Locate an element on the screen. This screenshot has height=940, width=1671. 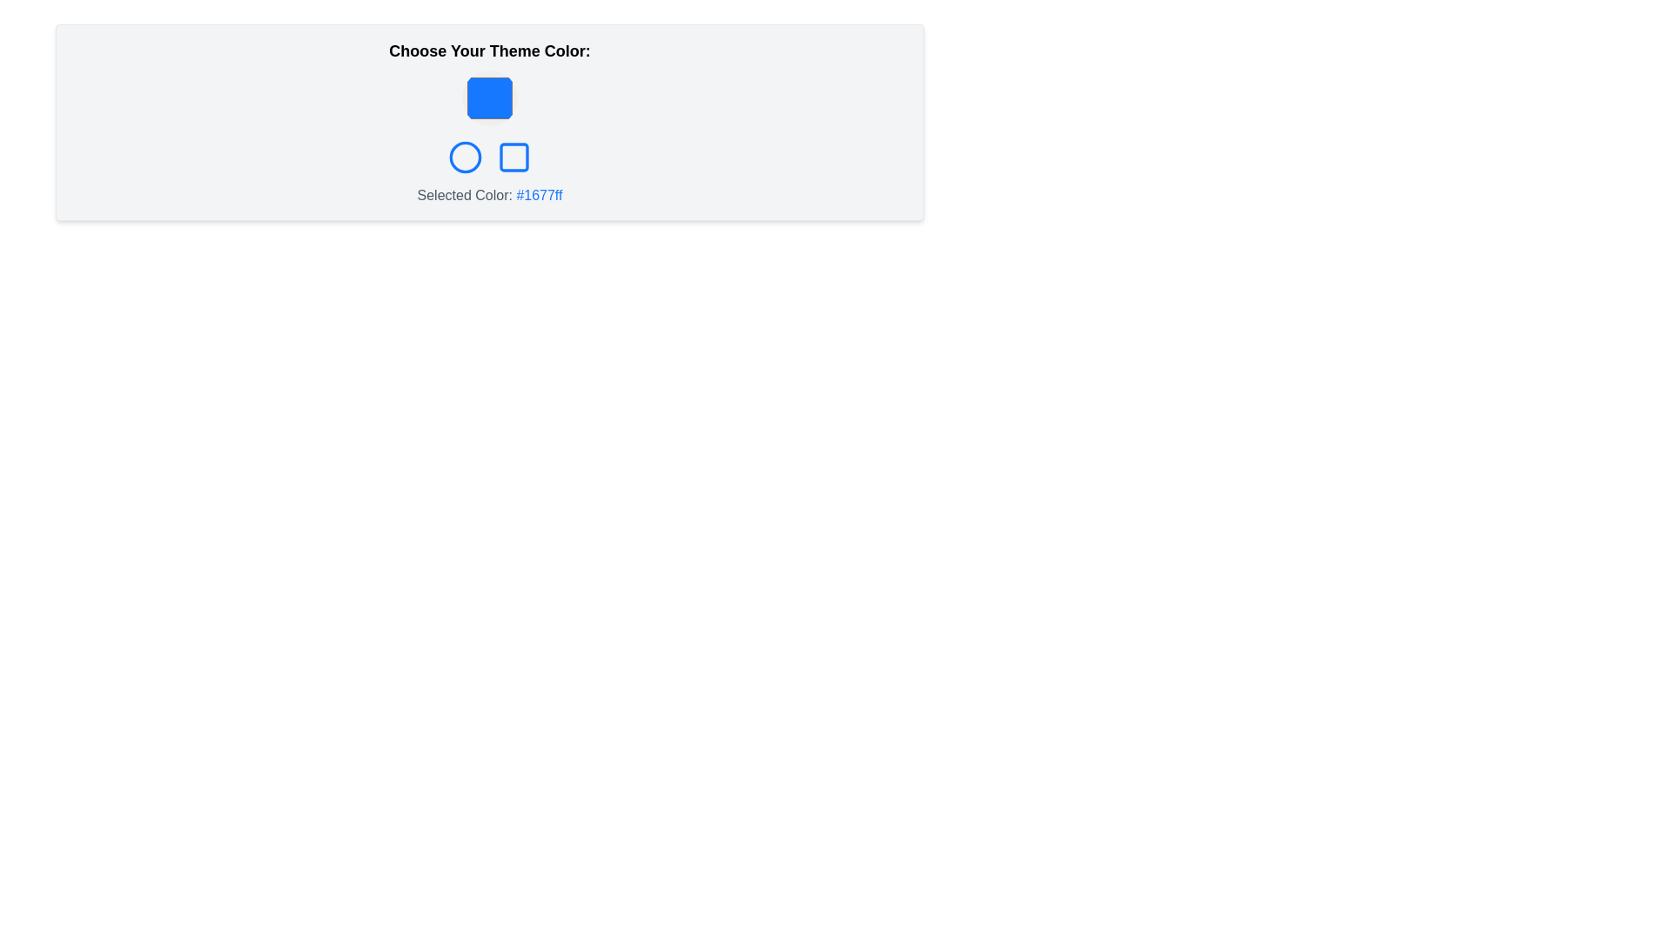
decorative SVG rectangle that indicates a specific selection in the color theme selection interface, located inside the second icon in the row to the right of a circular icon is located at coordinates (513, 158).